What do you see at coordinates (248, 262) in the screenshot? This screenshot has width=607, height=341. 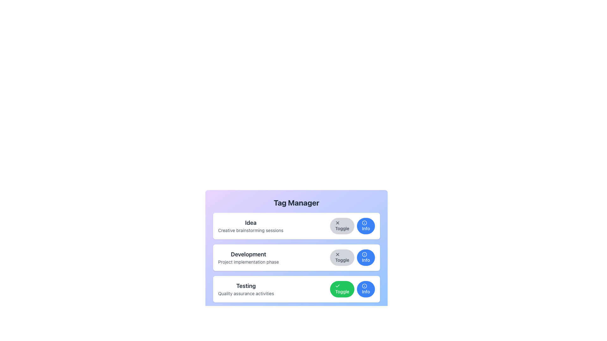 I see `the static text label that reads 'Project implementation phase', which is located below the 'Development' heading in the second card of a vertically stacked list` at bounding box center [248, 262].